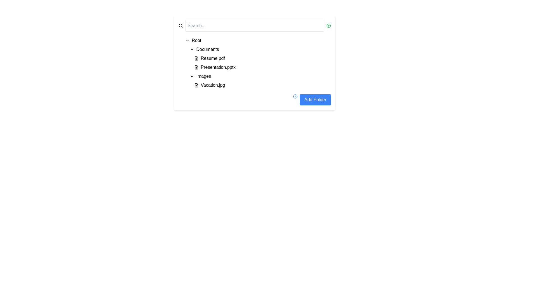 This screenshot has width=538, height=302. Describe the element at coordinates (328, 26) in the screenshot. I see `the green circular '+' button located at the right end of the horizontal layout after the search bar` at that location.